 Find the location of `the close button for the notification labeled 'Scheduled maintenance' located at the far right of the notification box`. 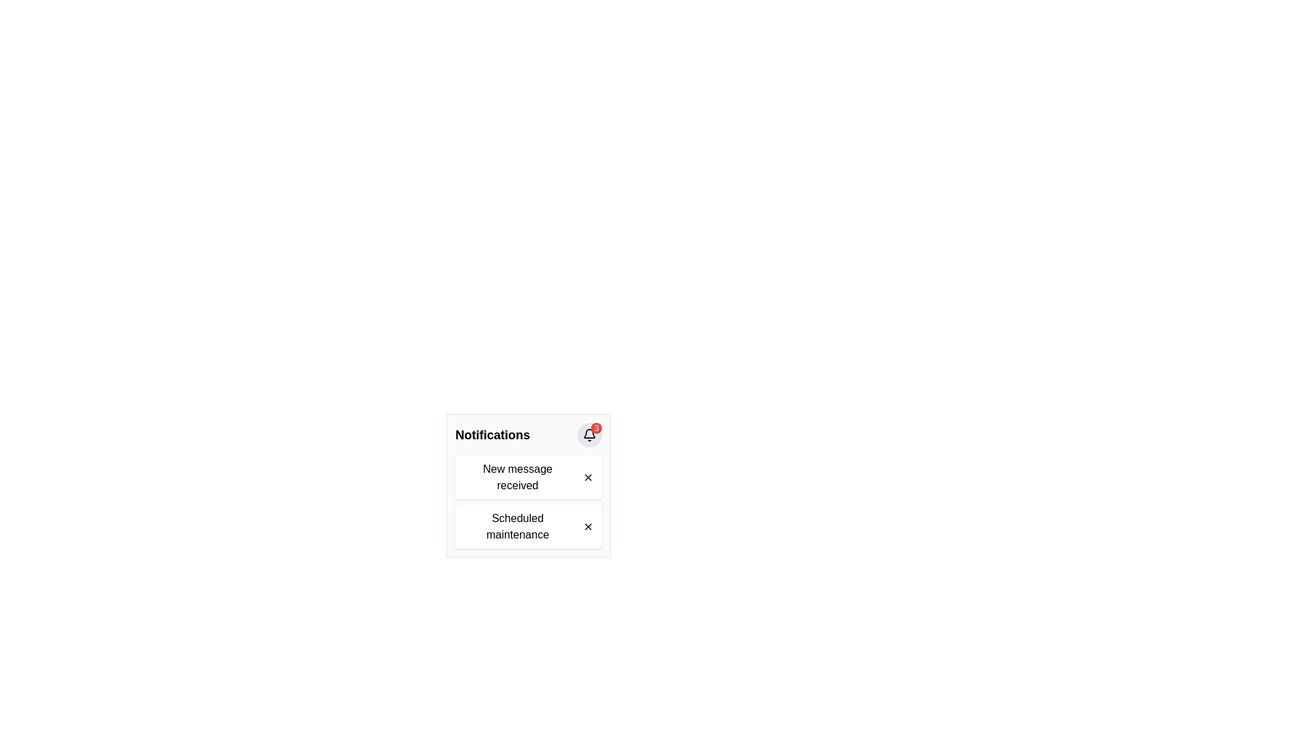

the close button for the notification labeled 'Scheduled maintenance' located at the far right of the notification box is located at coordinates (588, 526).